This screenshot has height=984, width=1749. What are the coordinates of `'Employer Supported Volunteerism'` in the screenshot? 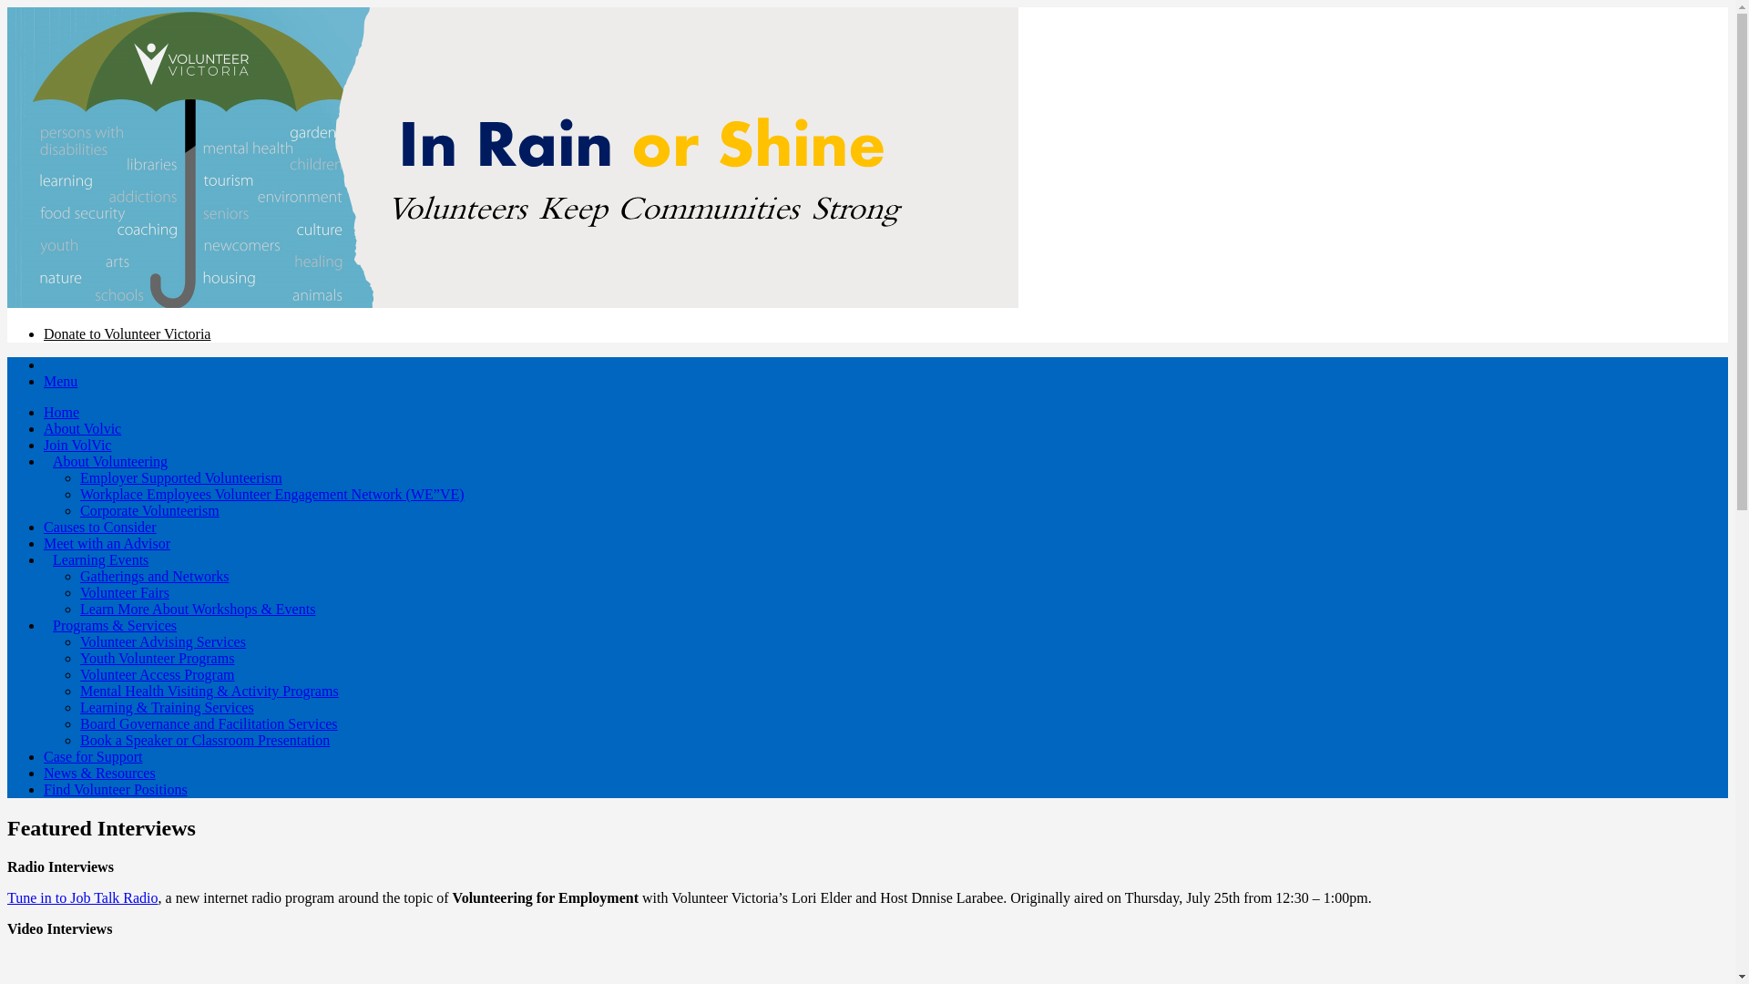 It's located at (180, 477).